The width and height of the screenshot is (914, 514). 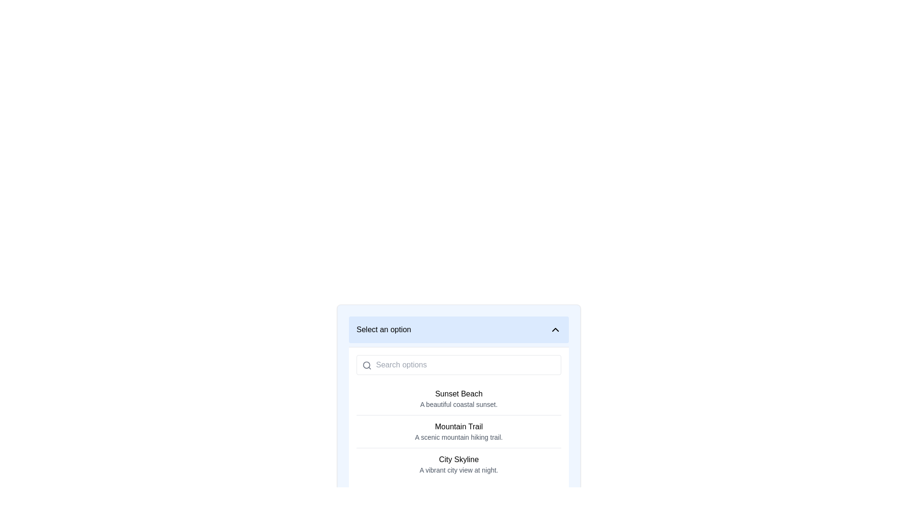 I want to click on the List item titled 'City Skyline' with the description 'A vibrant city view at night', so click(x=459, y=464).